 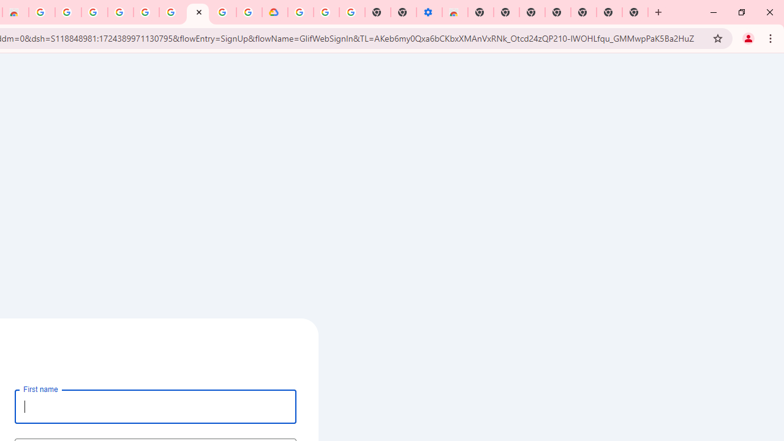 I want to click on 'Sign in - Google Accounts', so click(x=224, y=12).